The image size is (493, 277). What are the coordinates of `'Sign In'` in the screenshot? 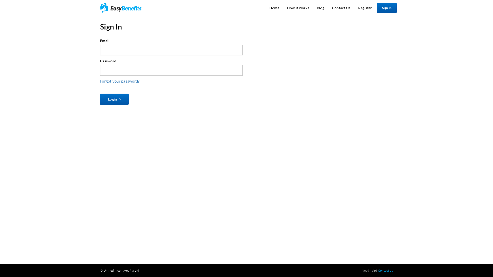 It's located at (377, 8).